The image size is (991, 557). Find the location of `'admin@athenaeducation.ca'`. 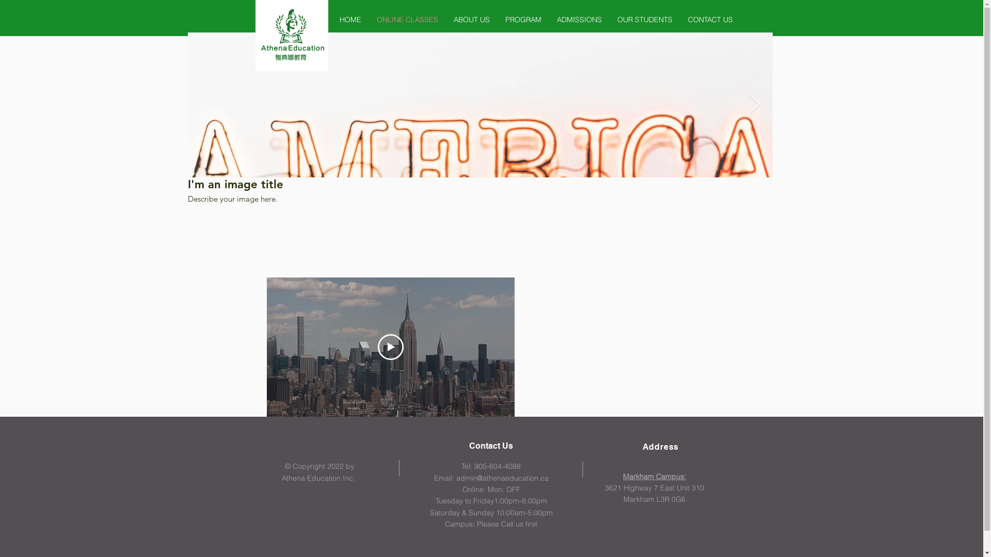

'admin@athenaeducation.ca' is located at coordinates (502, 478).